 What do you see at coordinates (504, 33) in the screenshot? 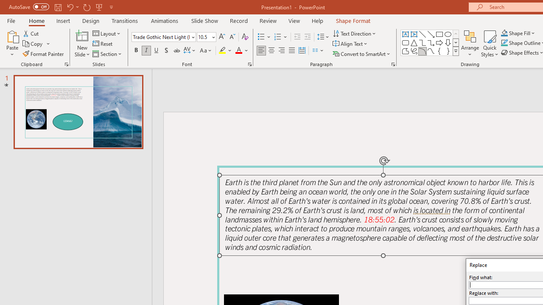
I see `'Shape Fill Aqua, Accent 2'` at bounding box center [504, 33].